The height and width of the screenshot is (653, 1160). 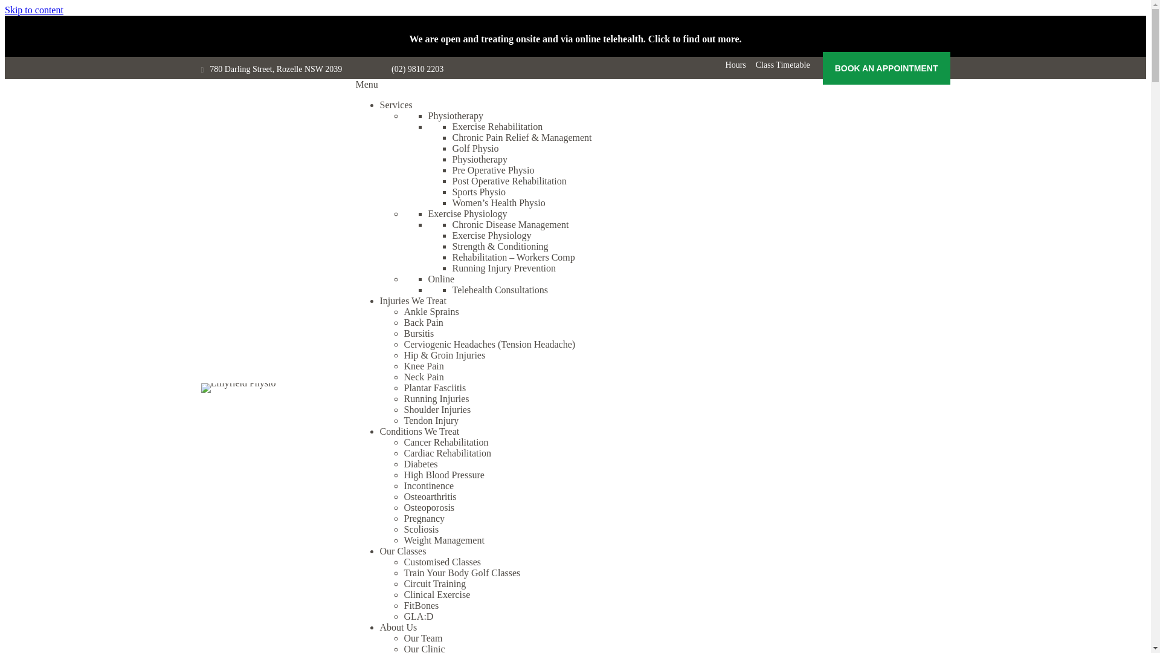 I want to click on 'Pregnancy', so click(x=424, y=518).